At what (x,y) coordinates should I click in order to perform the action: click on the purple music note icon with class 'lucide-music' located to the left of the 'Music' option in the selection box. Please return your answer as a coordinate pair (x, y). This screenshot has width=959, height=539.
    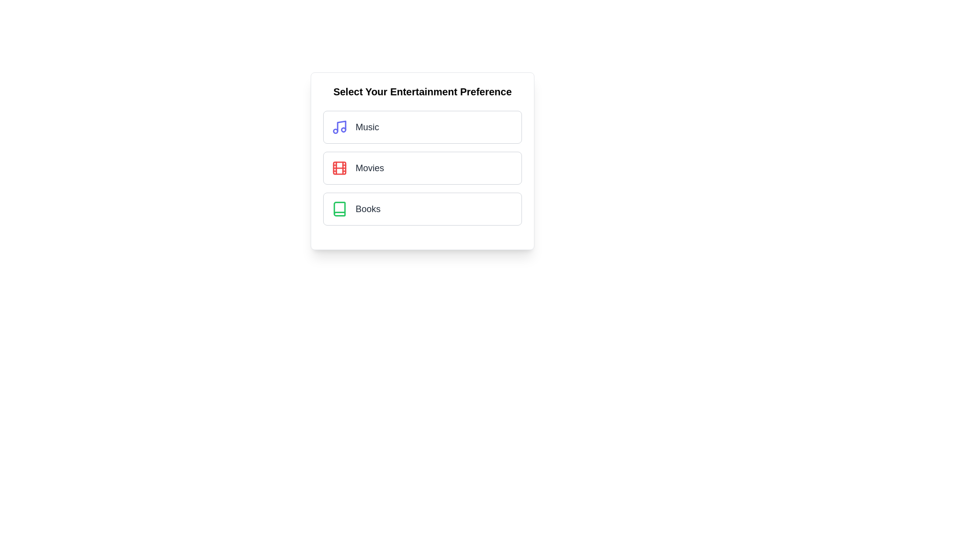
    Looking at the image, I should click on (340, 126).